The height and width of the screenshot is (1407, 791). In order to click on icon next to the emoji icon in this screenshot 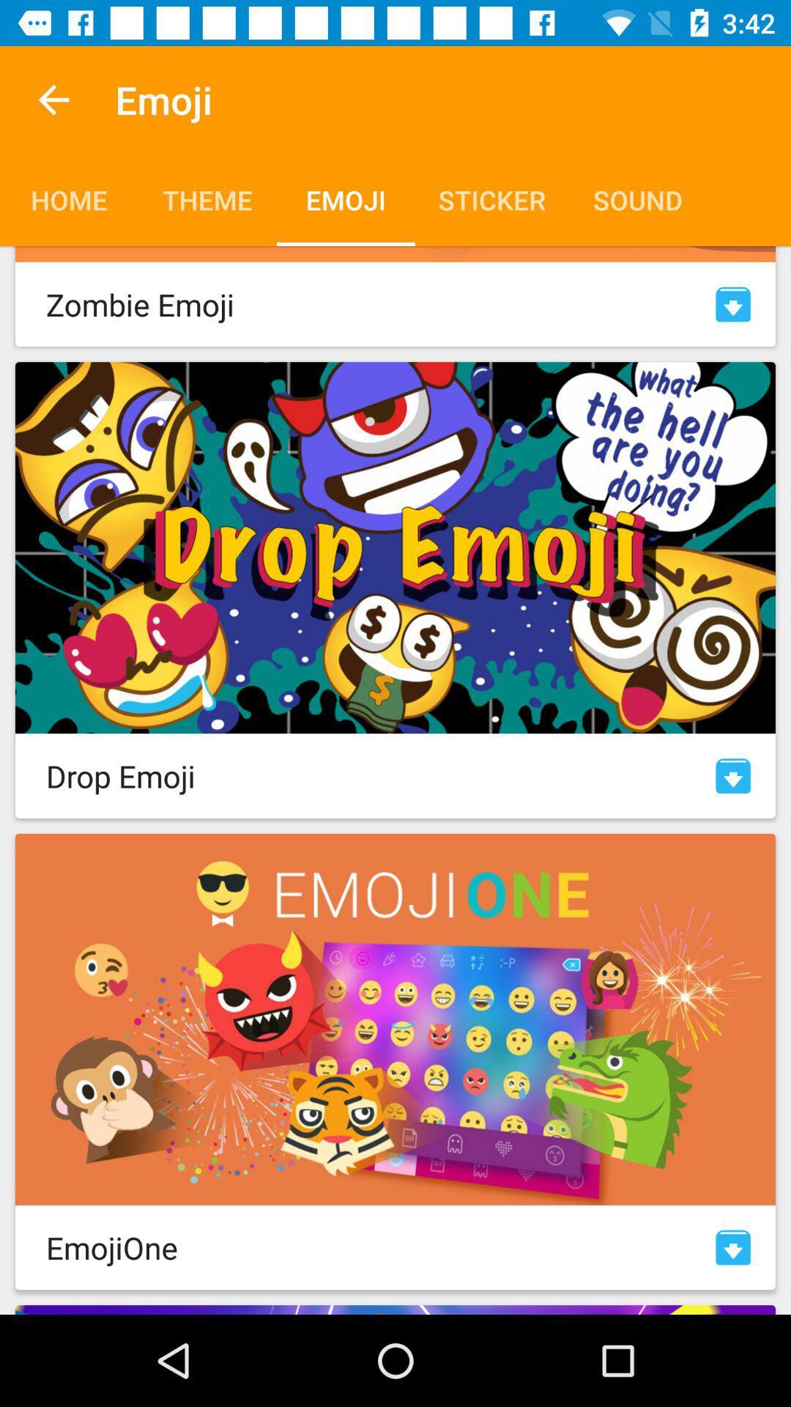, I will do `click(53, 99)`.